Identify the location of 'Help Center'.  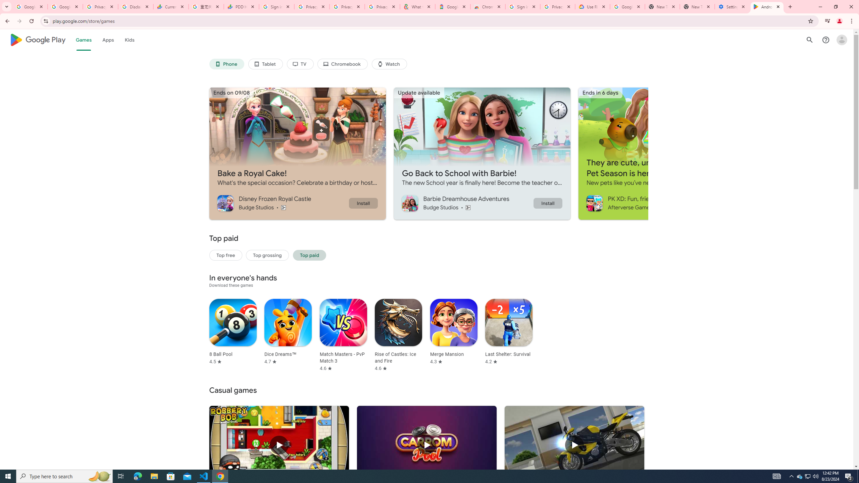
(826, 40).